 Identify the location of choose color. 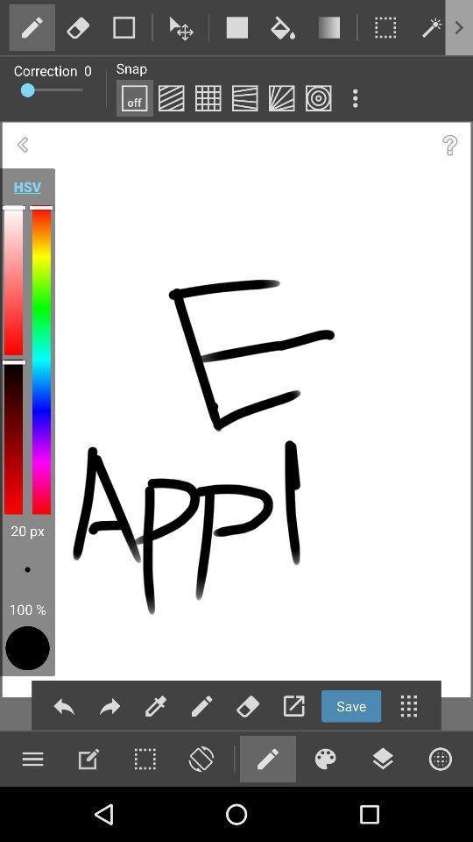
(324, 758).